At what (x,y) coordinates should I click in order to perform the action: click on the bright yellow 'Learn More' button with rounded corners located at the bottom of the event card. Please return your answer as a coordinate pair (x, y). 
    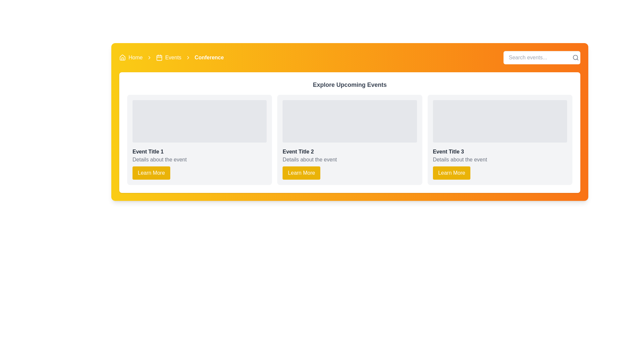
    Looking at the image, I should click on (301, 172).